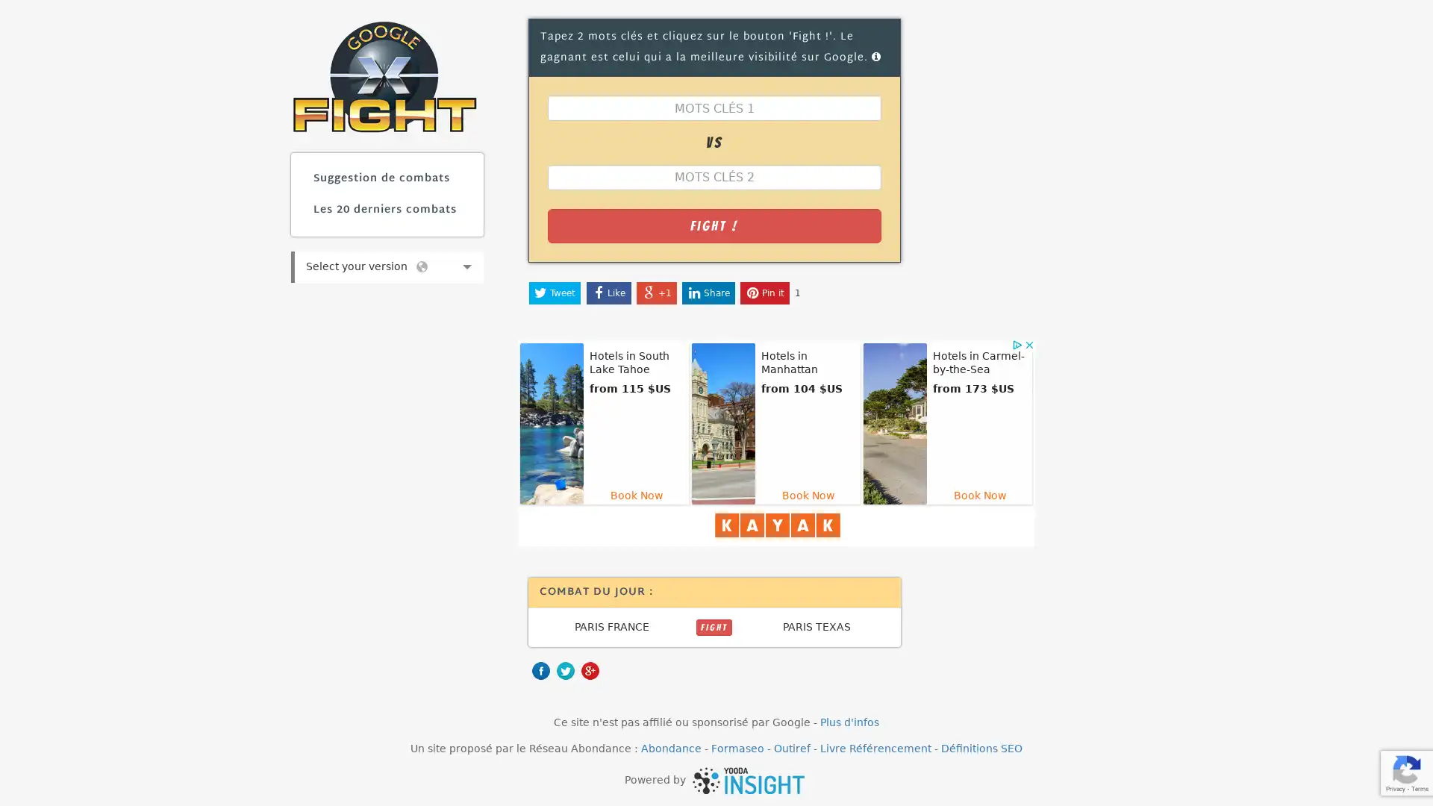 This screenshot has height=806, width=1433. I want to click on Fight !, so click(713, 225).